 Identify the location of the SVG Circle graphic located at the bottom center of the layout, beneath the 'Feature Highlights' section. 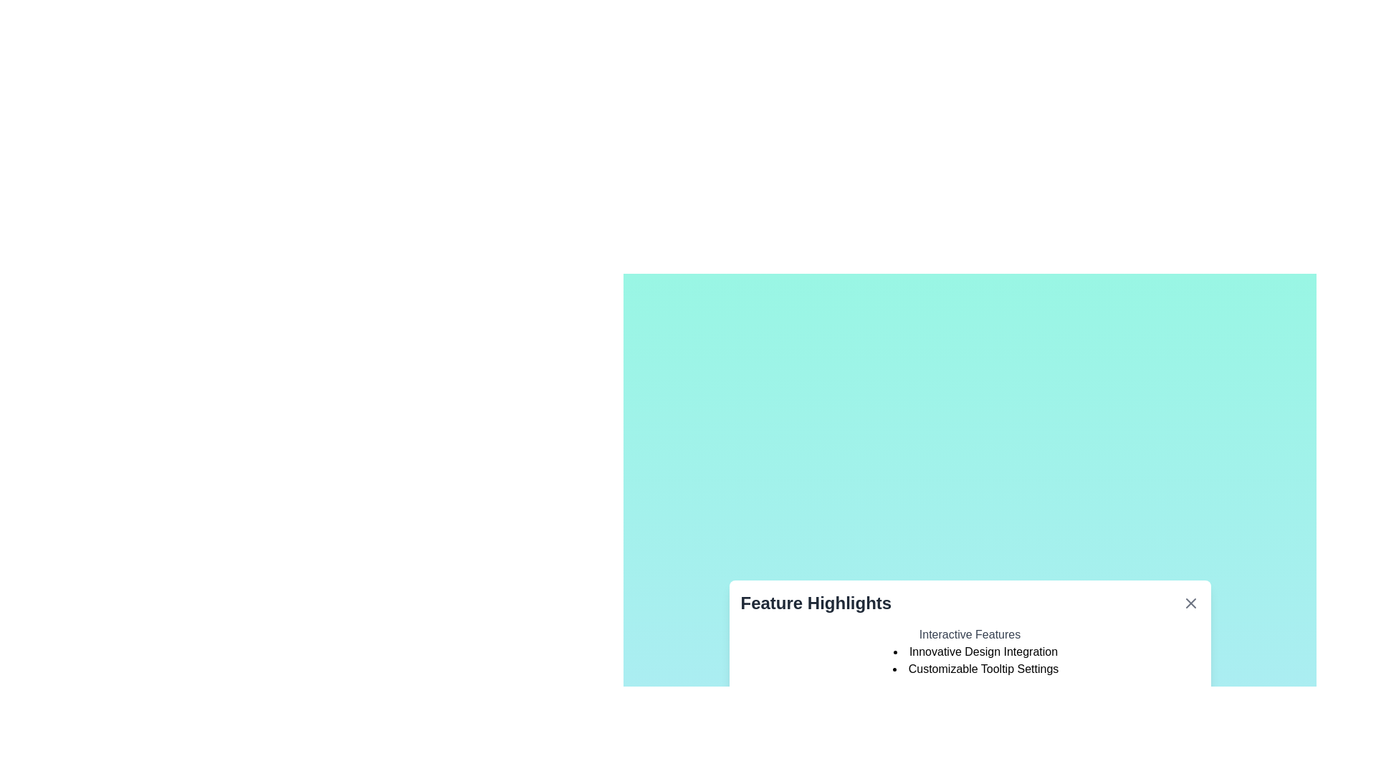
(942, 712).